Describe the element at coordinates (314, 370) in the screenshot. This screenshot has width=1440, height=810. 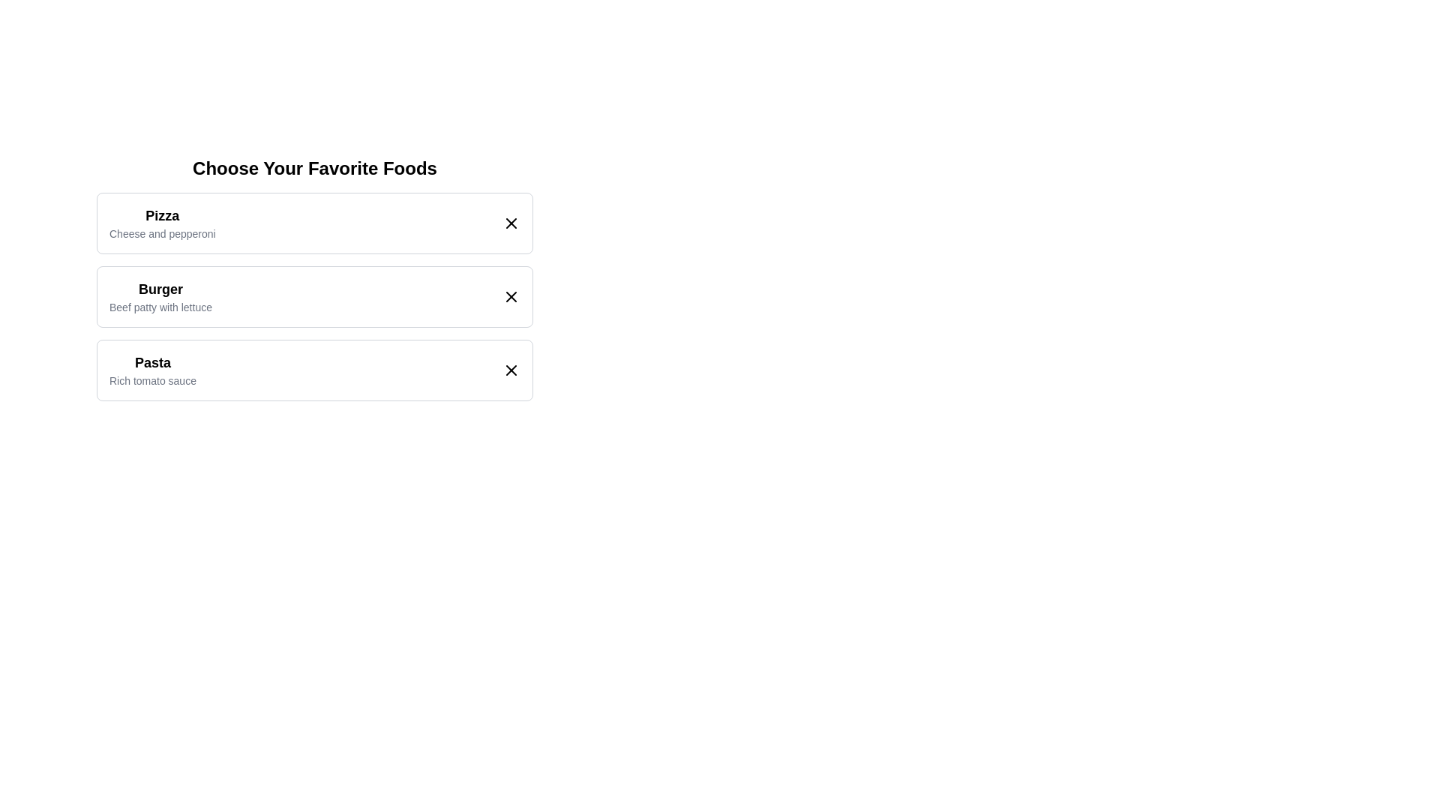
I see `the 'Pasta' list item, which is the third item in a vertical list` at that location.